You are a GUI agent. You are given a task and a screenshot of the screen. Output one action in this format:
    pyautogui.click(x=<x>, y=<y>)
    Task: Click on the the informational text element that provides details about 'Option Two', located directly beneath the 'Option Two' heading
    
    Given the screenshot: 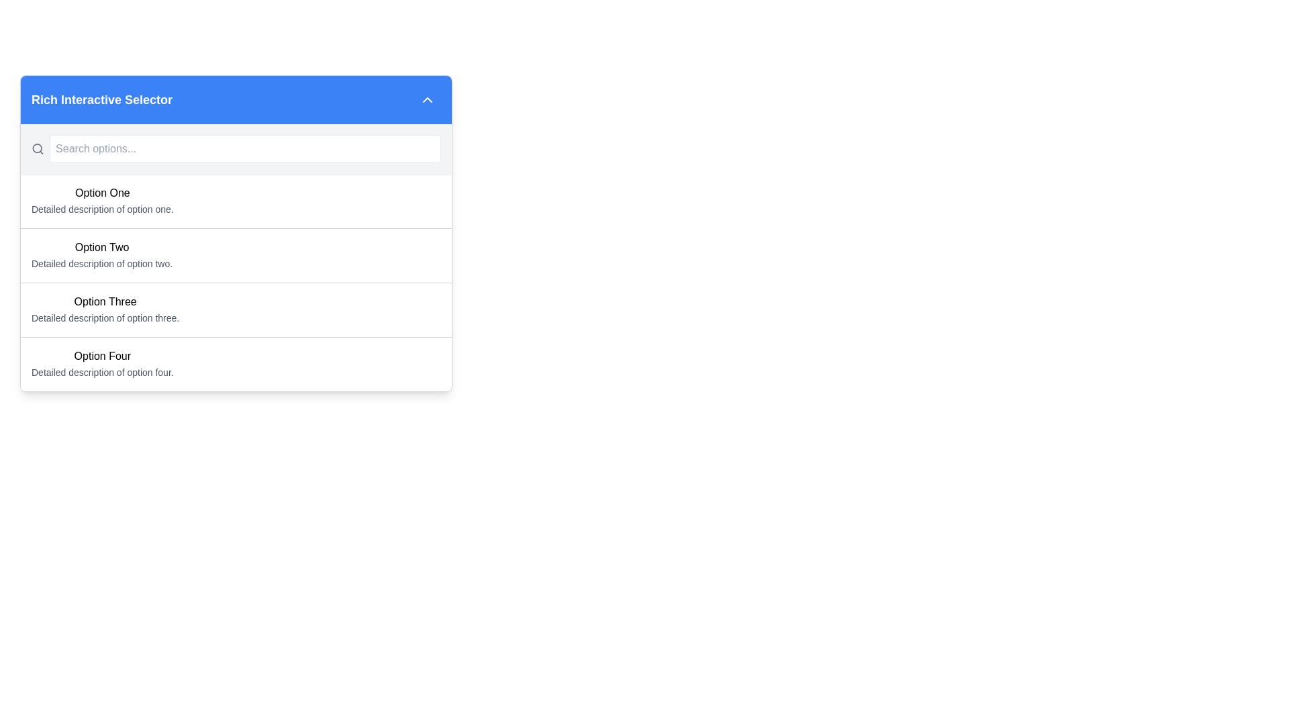 What is the action you would take?
    pyautogui.click(x=101, y=264)
    